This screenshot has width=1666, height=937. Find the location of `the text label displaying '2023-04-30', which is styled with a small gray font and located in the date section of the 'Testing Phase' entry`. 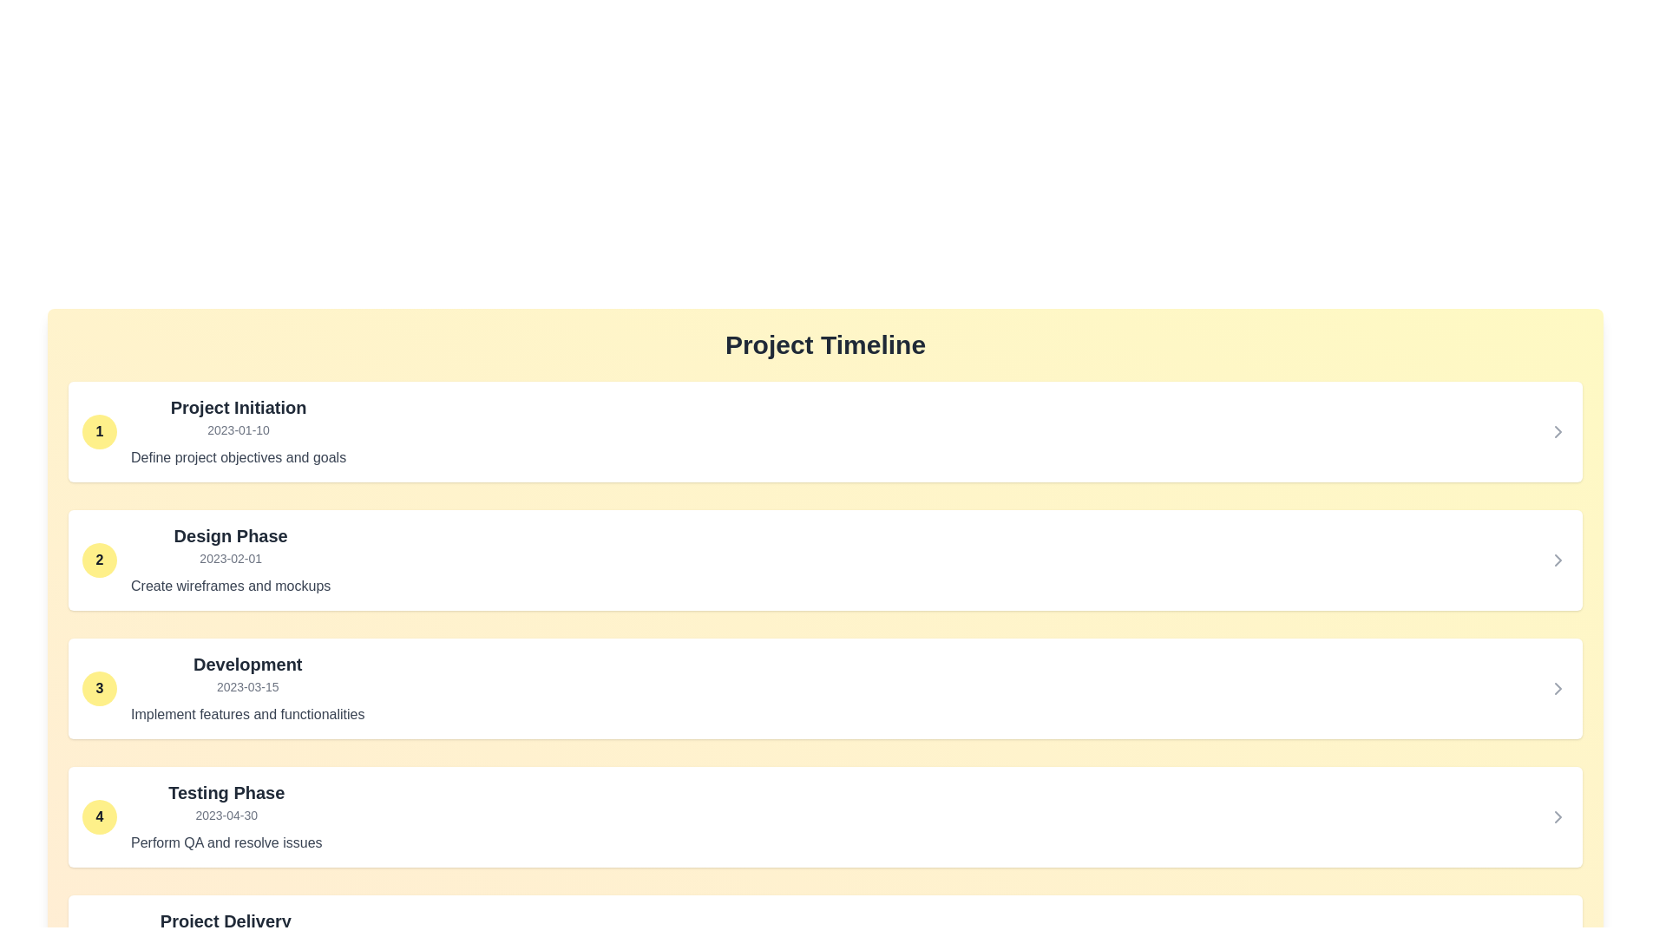

the text label displaying '2023-04-30', which is styled with a small gray font and located in the date section of the 'Testing Phase' entry is located at coordinates (226, 816).